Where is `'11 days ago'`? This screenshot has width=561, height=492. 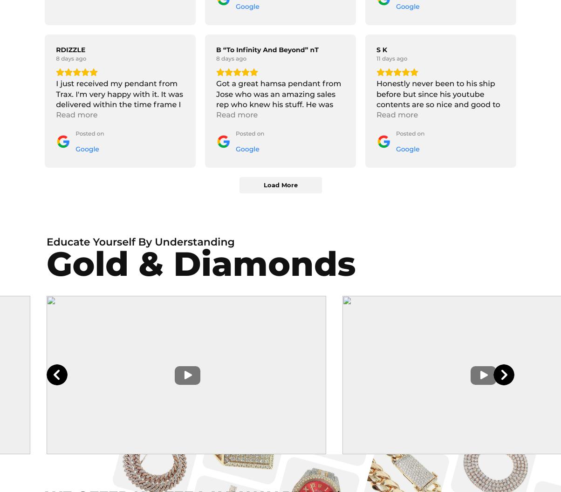 '11 days ago' is located at coordinates (391, 58).